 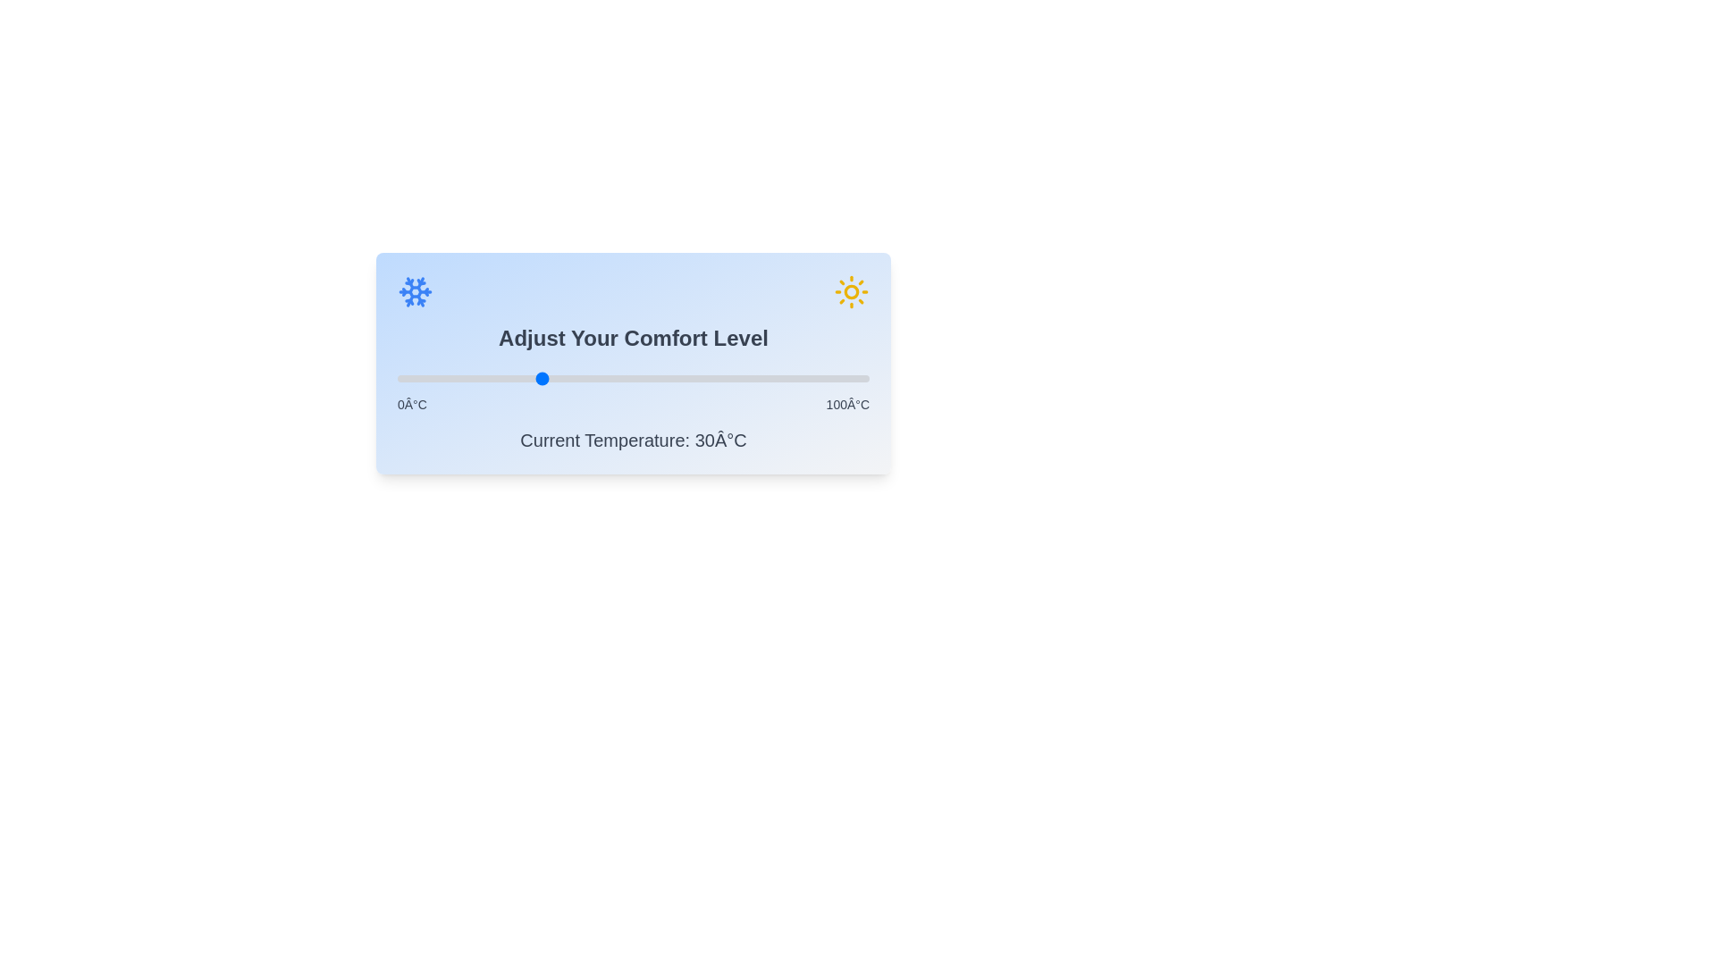 I want to click on the temperature slider to 91°C, so click(x=826, y=378).